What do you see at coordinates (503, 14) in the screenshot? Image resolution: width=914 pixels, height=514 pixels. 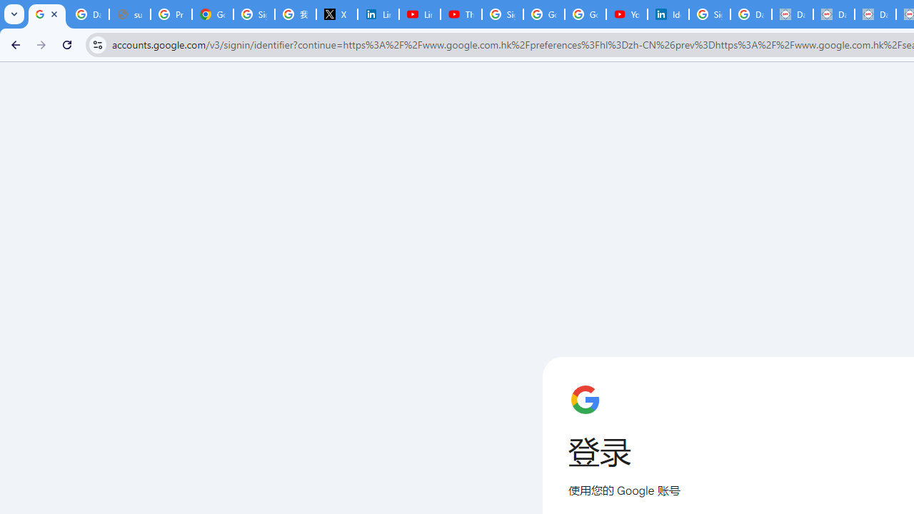 I see `'Sign in - Google Accounts'` at bounding box center [503, 14].